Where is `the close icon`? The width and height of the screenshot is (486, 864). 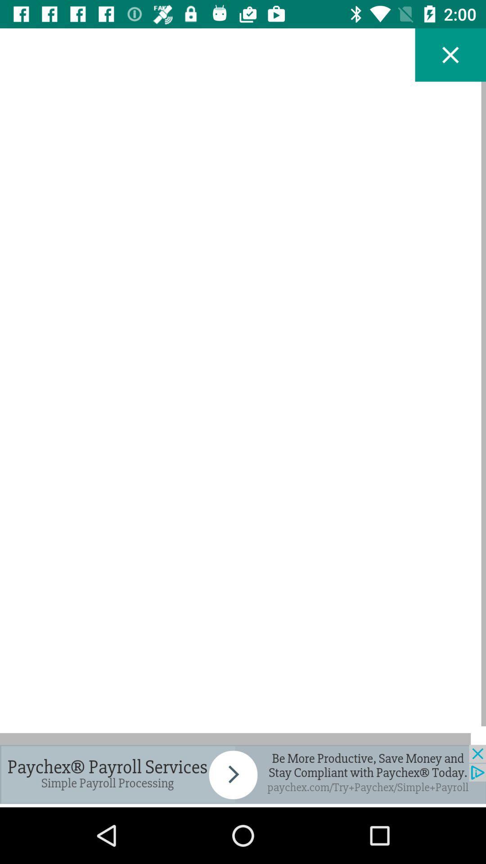
the close icon is located at coordinates (450, 54).